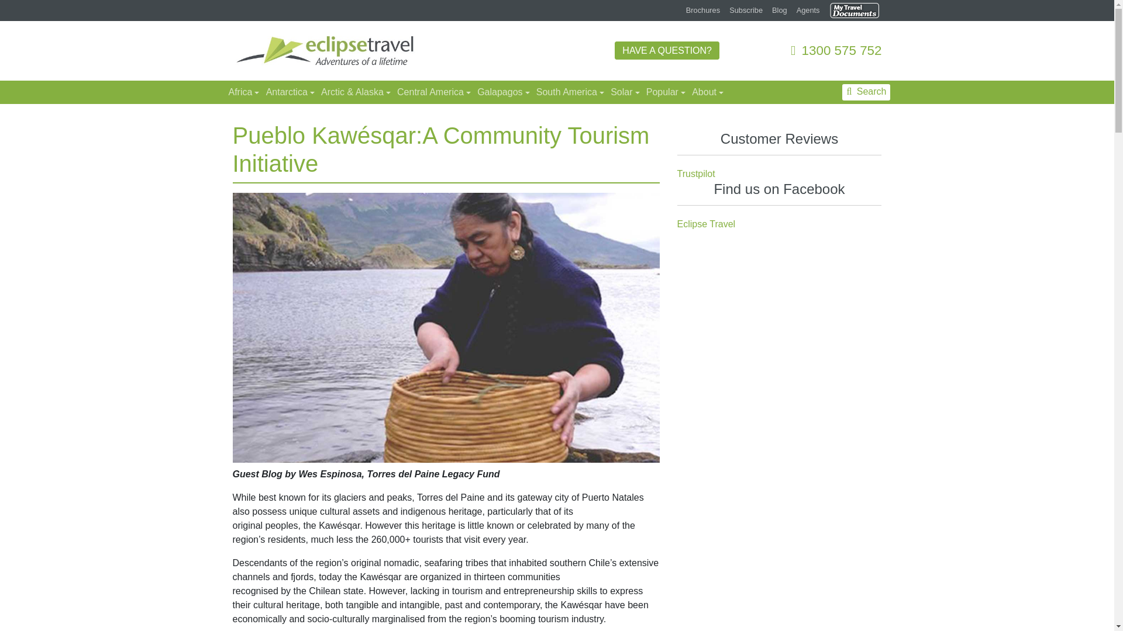 The image size is (1123, 631). I want to click on 'Eclipse Travel', so click(677, 224).